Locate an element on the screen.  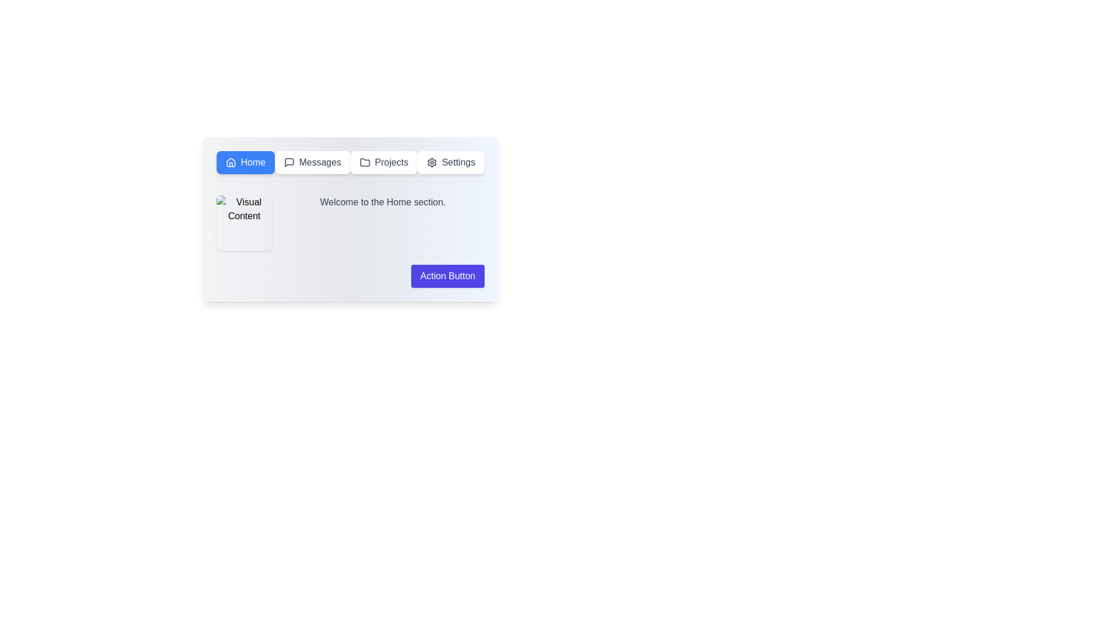
the speech bubble icon representing messages or comments in the navigation bar is located at coordinates (289, 162).